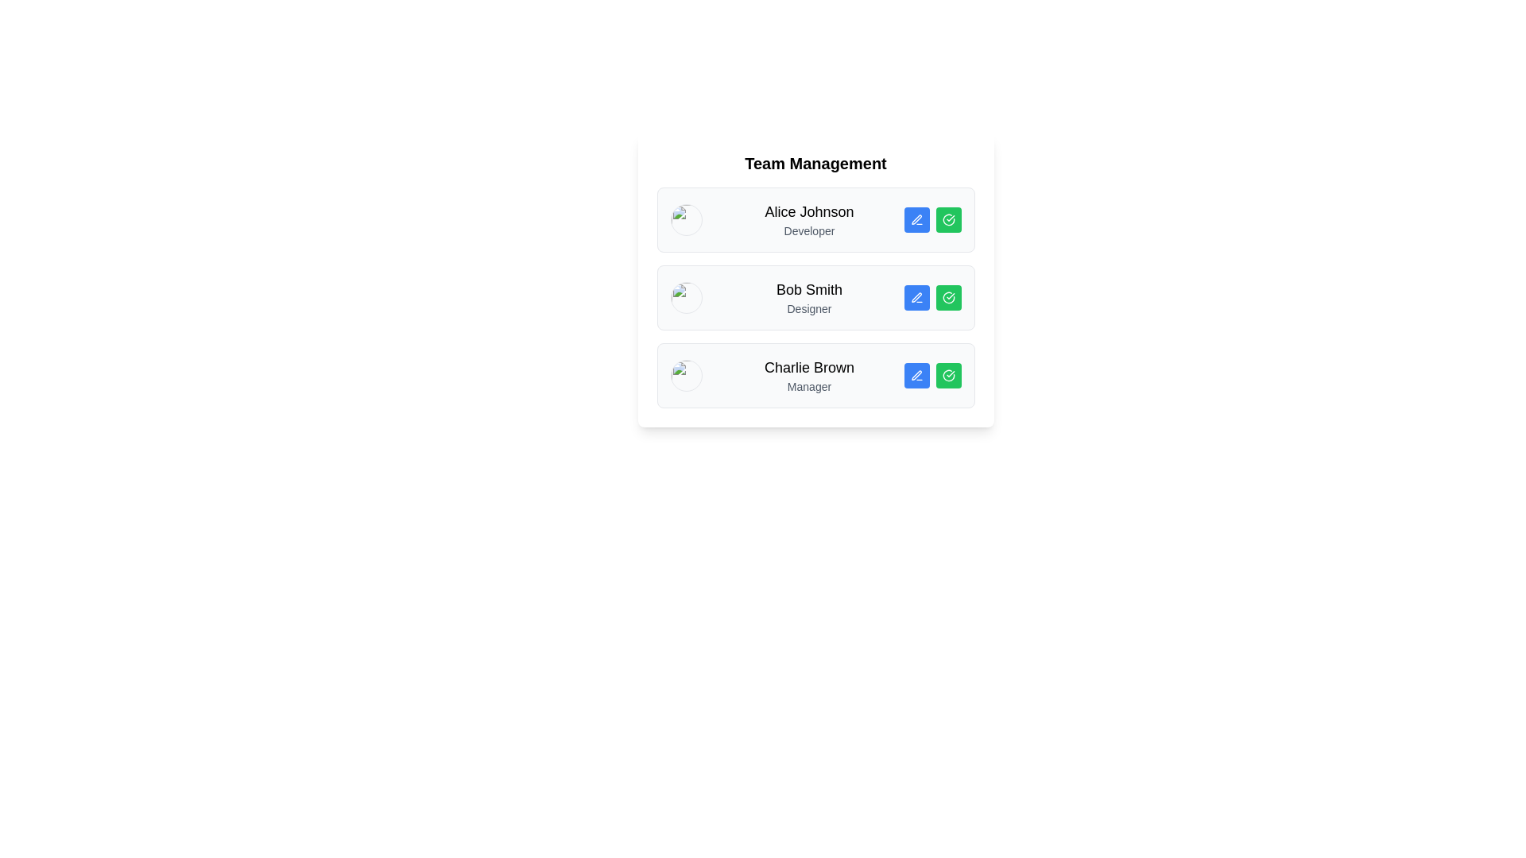 The image size is (1526, 858). Describe the element at coordinates (916, 297) in the screenshot. I see `the edit icon button located in the second row next to 'Bob Smith'` at that location.